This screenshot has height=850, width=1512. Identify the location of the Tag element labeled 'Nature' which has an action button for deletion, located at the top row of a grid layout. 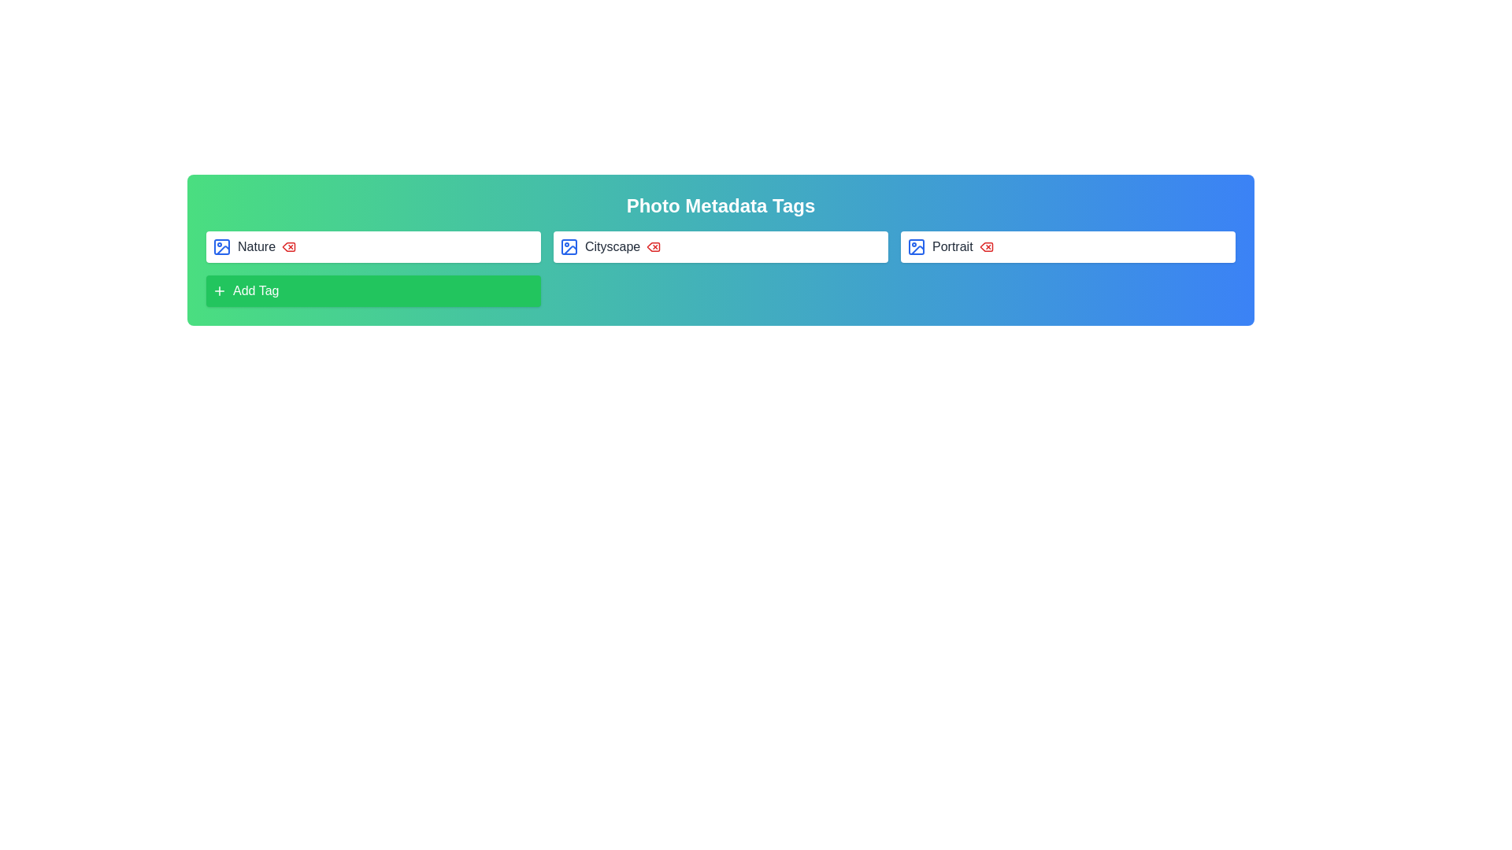
(372, 246).